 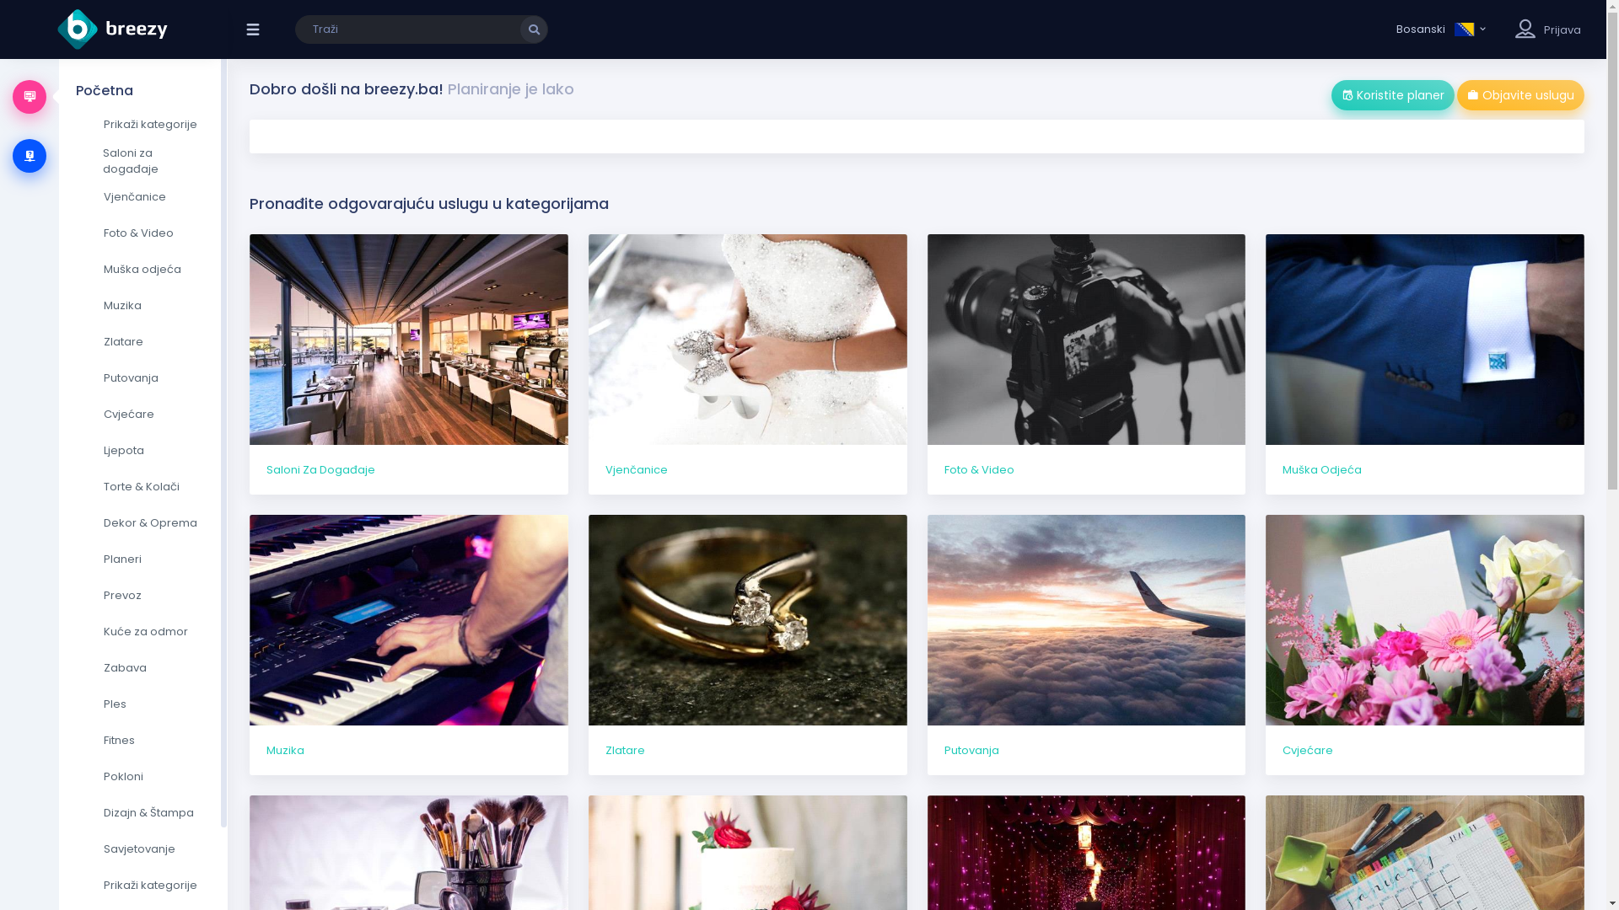 What do you see at coordinates (1087, 363) in the screenshot?
I see `'Foto & Video'` at bounding box center [1087, 363].